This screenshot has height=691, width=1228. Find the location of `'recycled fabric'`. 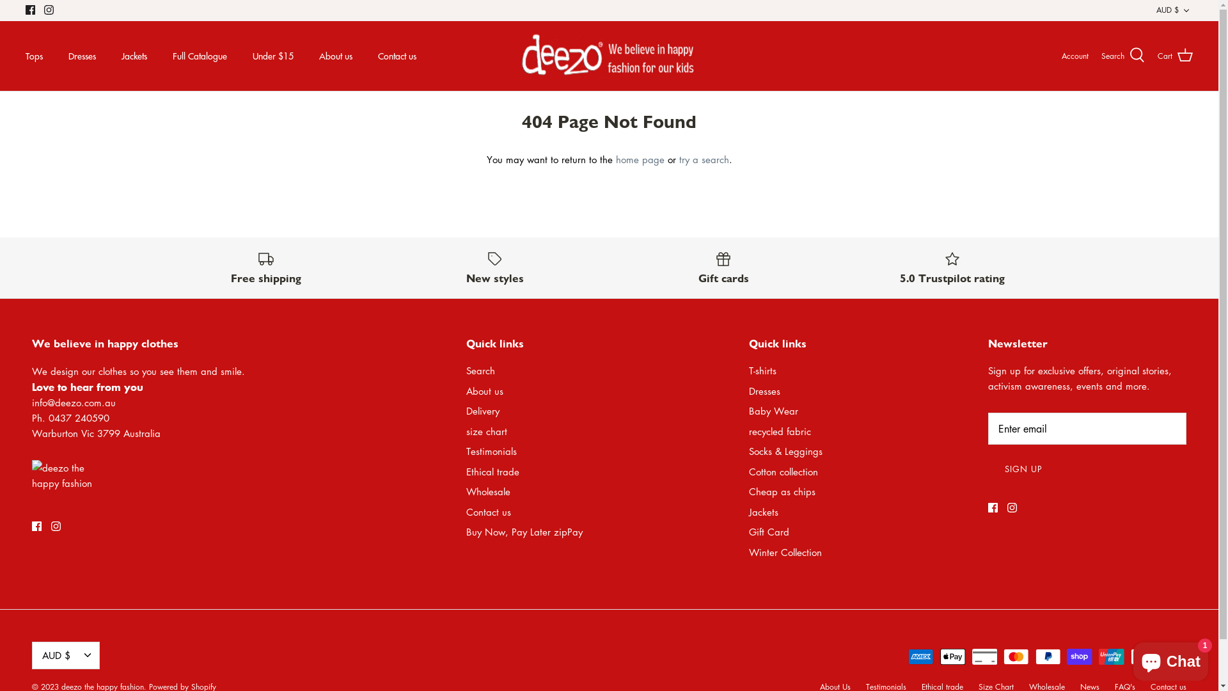

'recycled fabric' is located at coordinates (779, 431).